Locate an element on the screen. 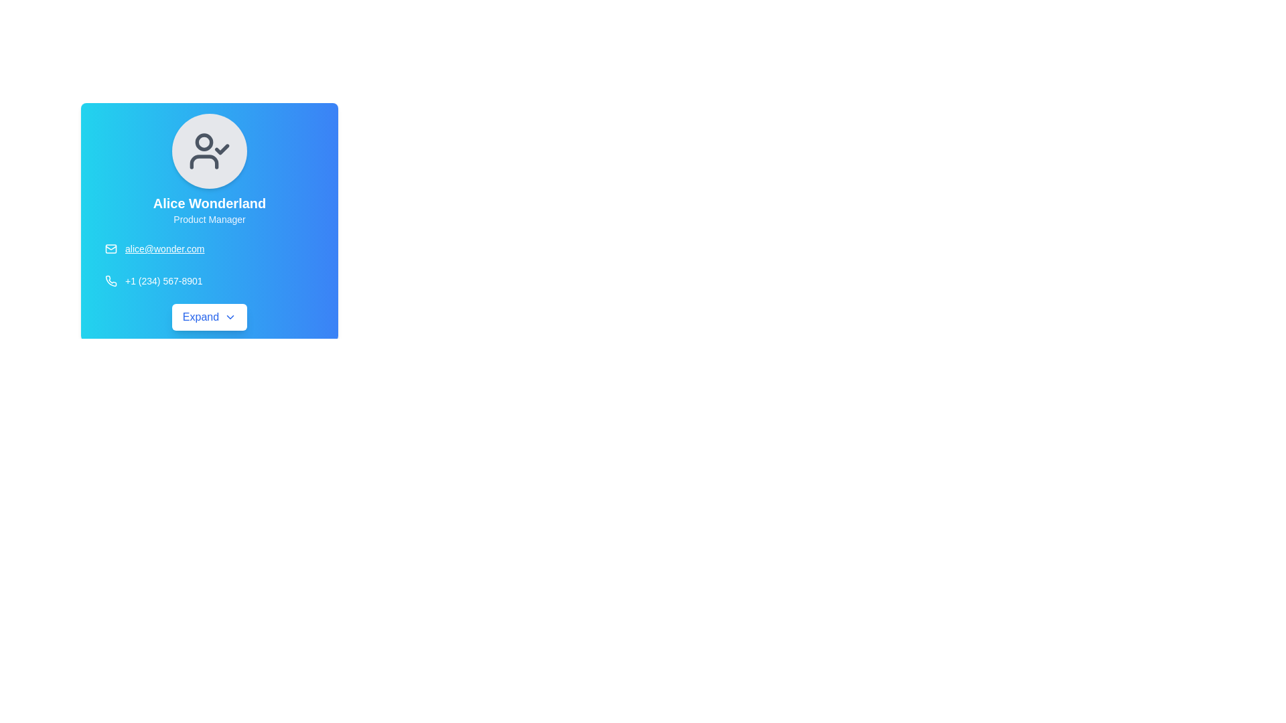 Image resolution: width=1286 pixels, height=723 pixels. the phone number icon representing the contact method for the individual displayed in the profile, located to the left of the phone number '+1 (234) 567-8901' is located at coordinates (111, 280).